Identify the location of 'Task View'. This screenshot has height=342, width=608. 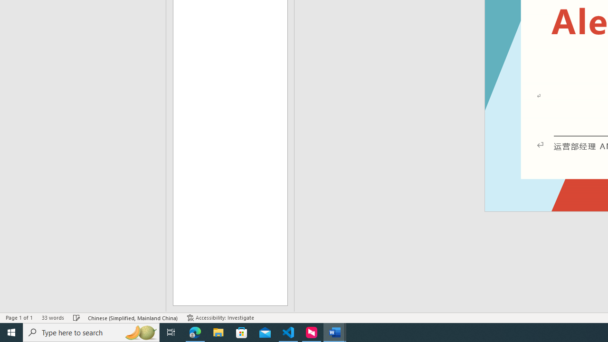
(171, 332).